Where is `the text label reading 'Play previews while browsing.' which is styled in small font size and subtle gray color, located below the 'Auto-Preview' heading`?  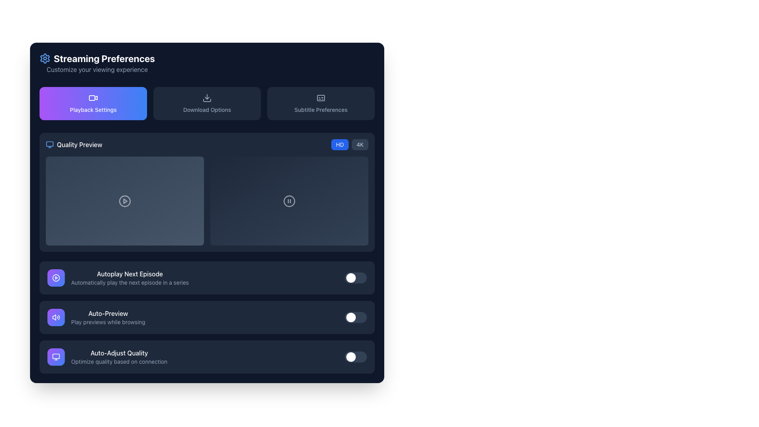
the text label reading 'Play previews while browsing.' which is styled in small font size and subtle gray color, located below the 'Auto-Preview' heading is located at coordinates (108, 322).